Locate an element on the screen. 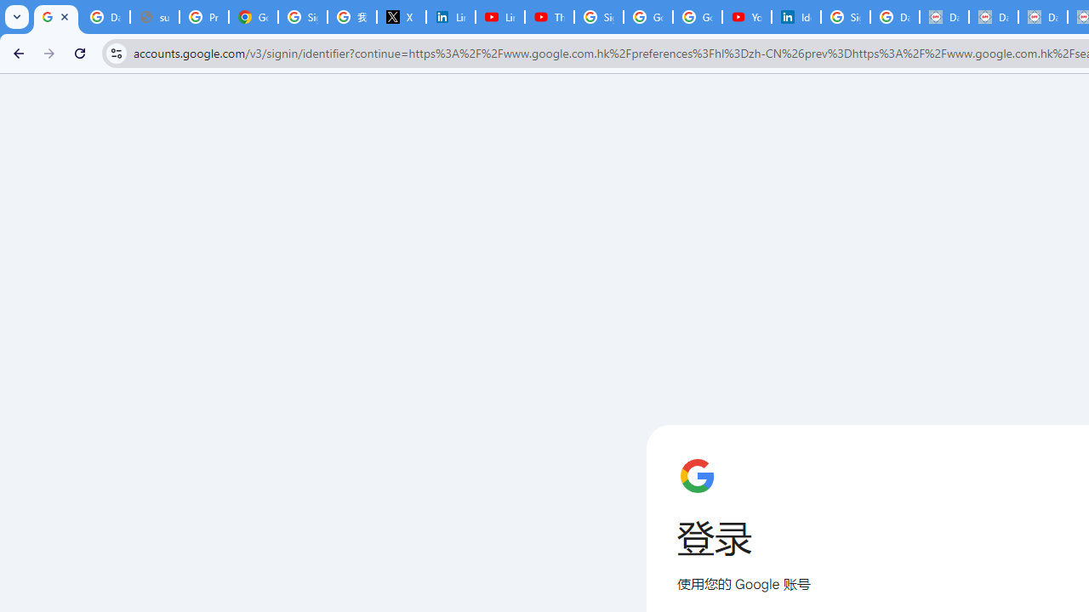 The image size is (1089, 612). 'support.google.com - Network error' is located at coordinates (154, 17).